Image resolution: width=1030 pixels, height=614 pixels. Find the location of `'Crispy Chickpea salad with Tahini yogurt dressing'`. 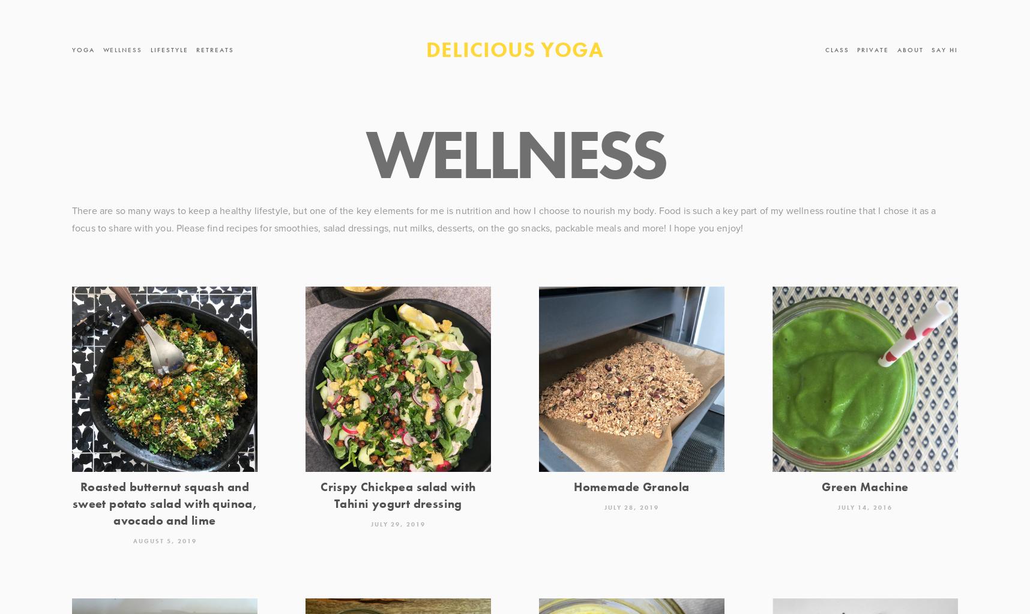

'Crispy Chickpea salad with Tahini yogurt dressing' is located at coordinates (397, 494).